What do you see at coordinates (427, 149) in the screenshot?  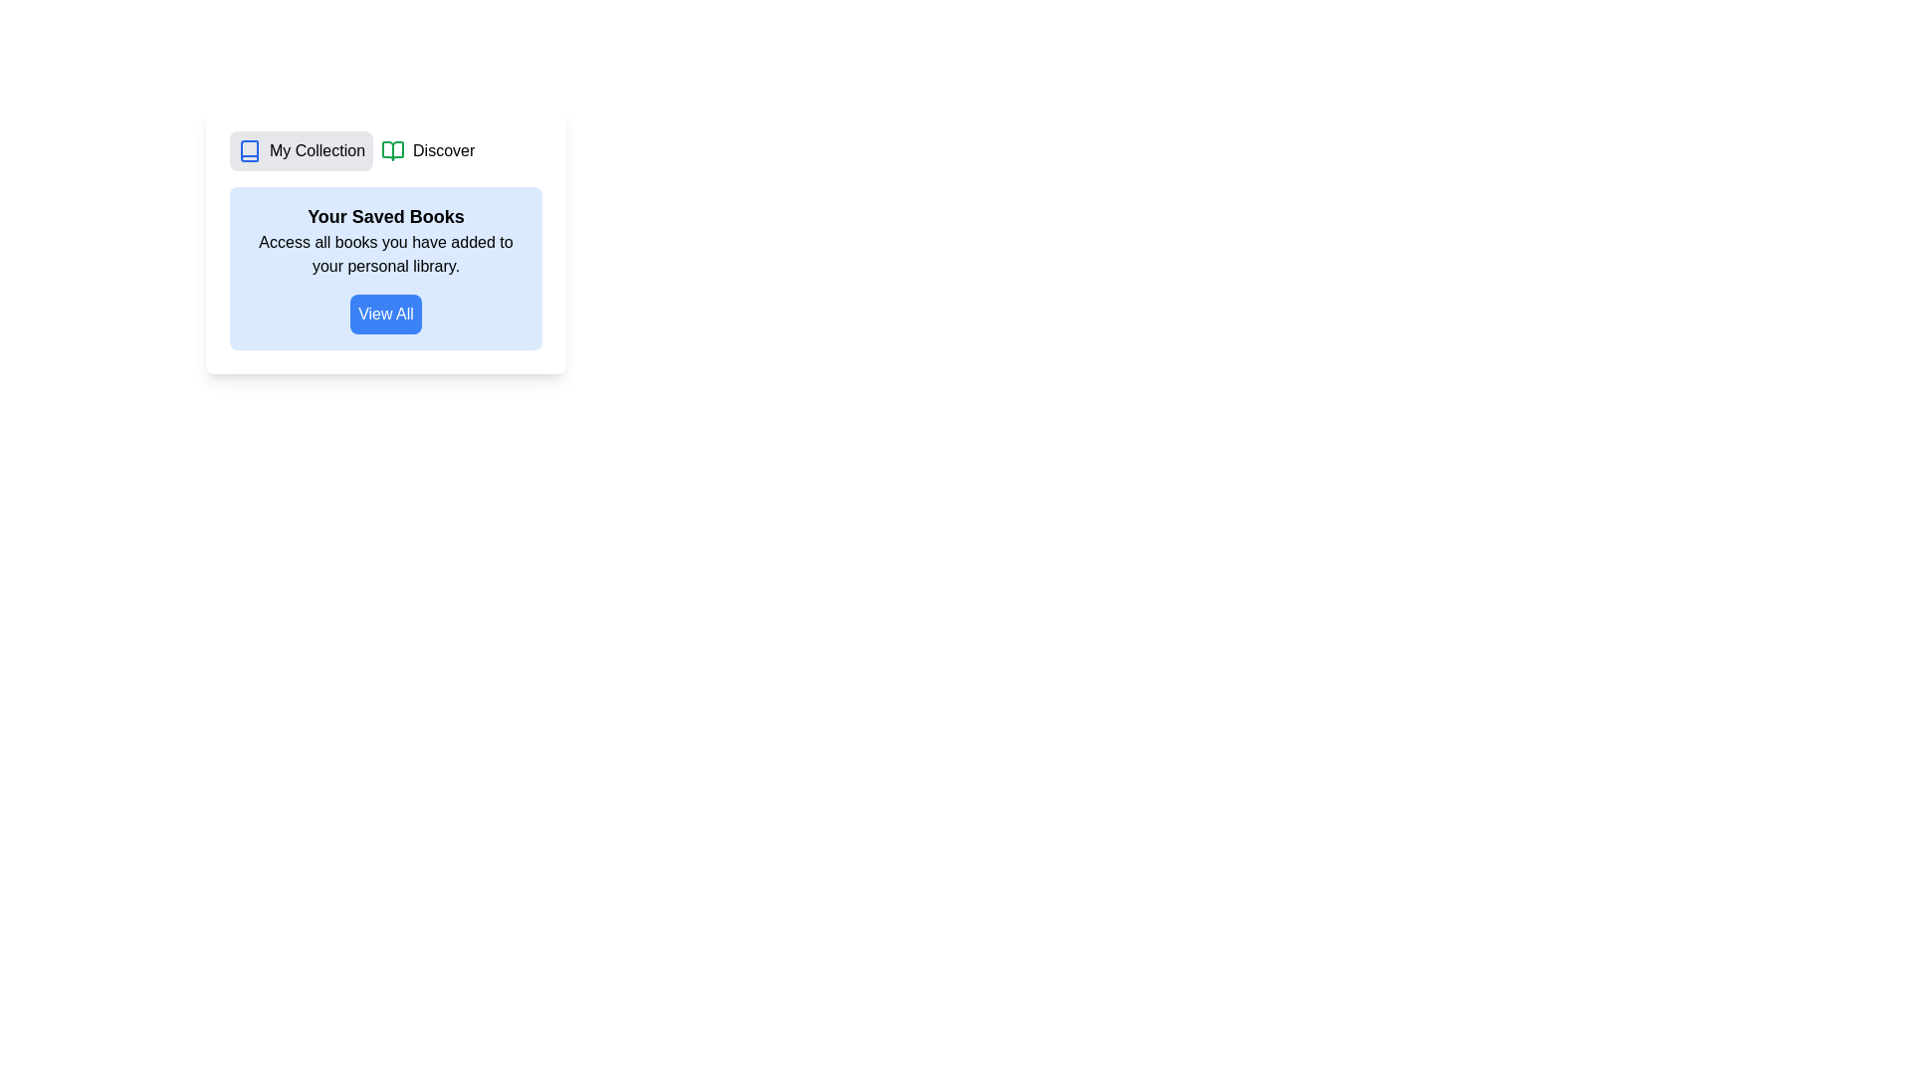 I see `the Discover tab` at bounding box center [427, 149].